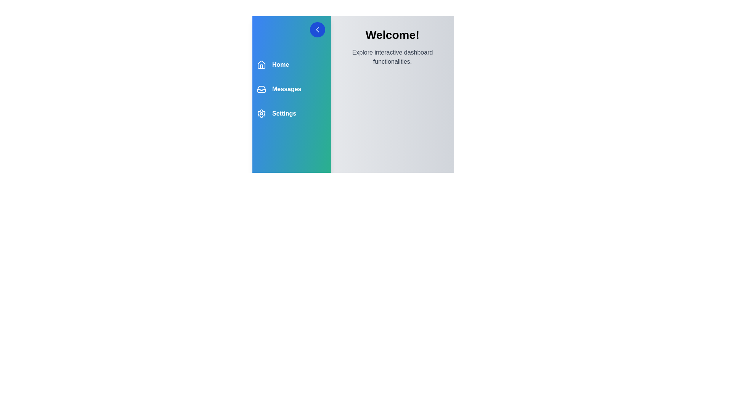 Image resolution: width=732 pixels, height=412 pixels. I want to click on the 'Settings' button, which is a rectangular button with a gear icon and the word 'Settings', positioned as the third item in the vertical list of menu buttons on the left sidebar, so click(276, 113).